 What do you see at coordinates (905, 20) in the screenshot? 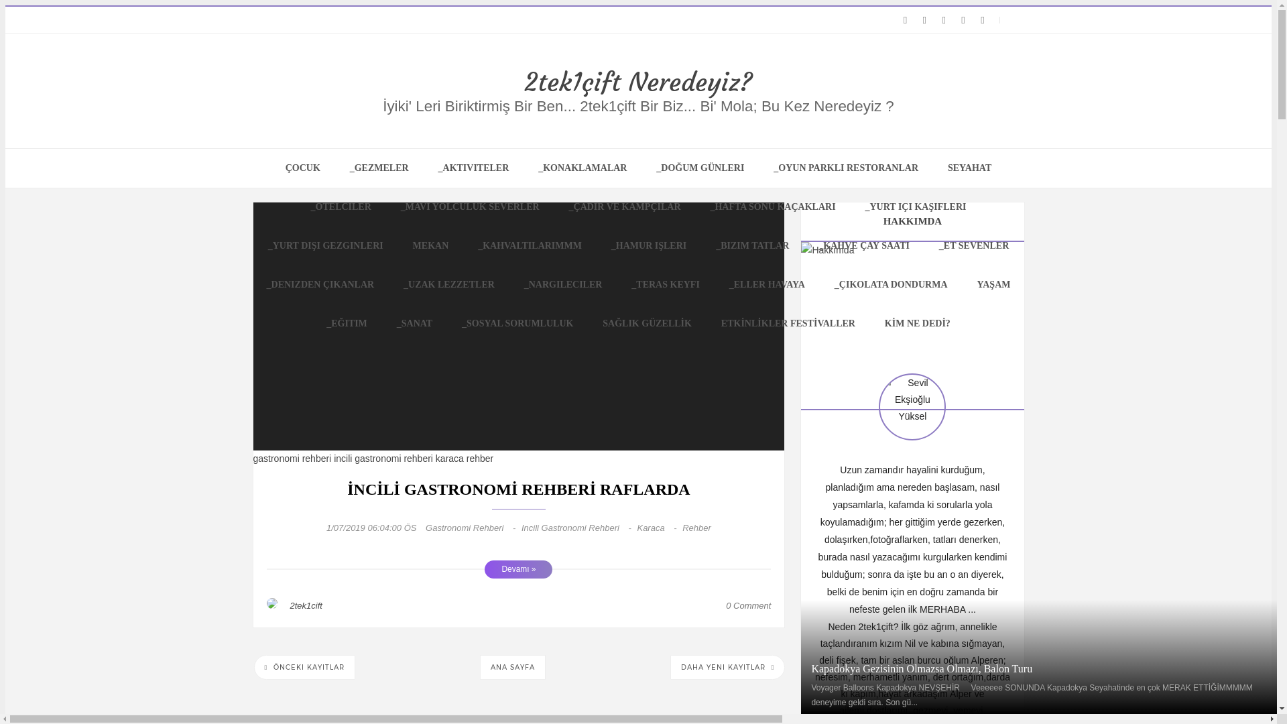
I see `'twitter'` at bounding box center [905, 20].